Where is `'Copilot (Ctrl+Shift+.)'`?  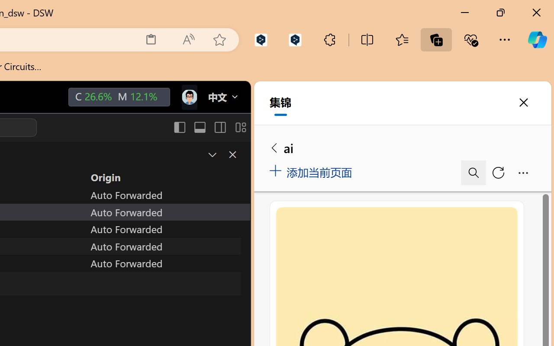
'Copilot (Ctrl+Shift+.)' is located at coordinates (537, 39).